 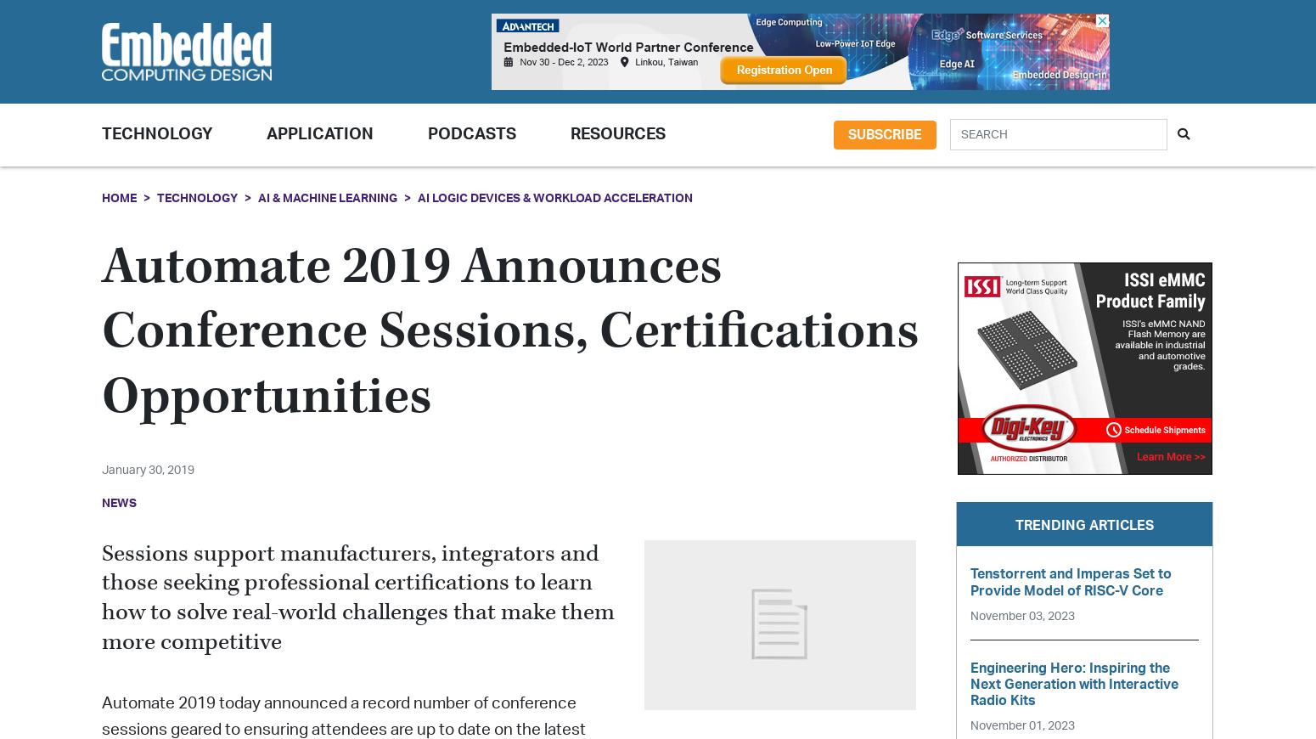 I want to click on 'Subscribe', so click(x=846, y=133).